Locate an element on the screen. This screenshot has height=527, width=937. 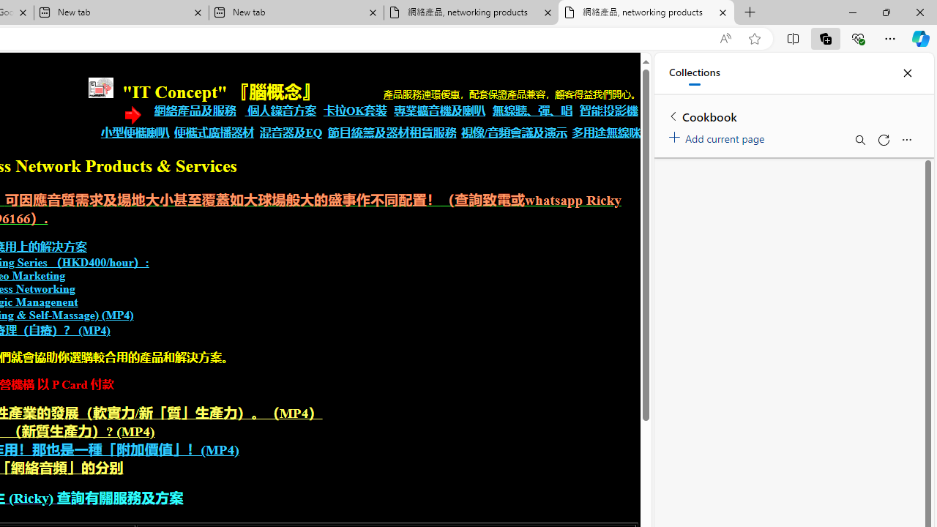
'Add current page' is located at coordinates (720, 136).